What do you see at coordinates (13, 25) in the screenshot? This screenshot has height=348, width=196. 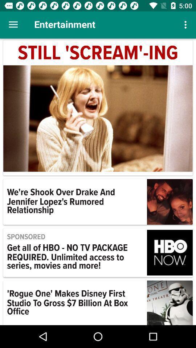 I see `item at the top left corner` at bounding box center [13, 25].